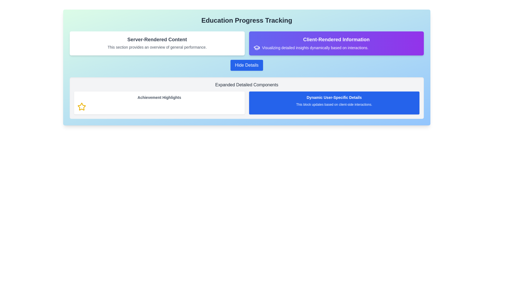 The height and width of the screenshot is (295, 525). I want to click on the Informational Panel located in the upper-center-right section of the interface, so click(336, 43).